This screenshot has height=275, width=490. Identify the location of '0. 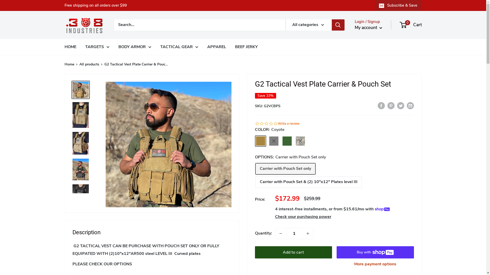
(400, 25).